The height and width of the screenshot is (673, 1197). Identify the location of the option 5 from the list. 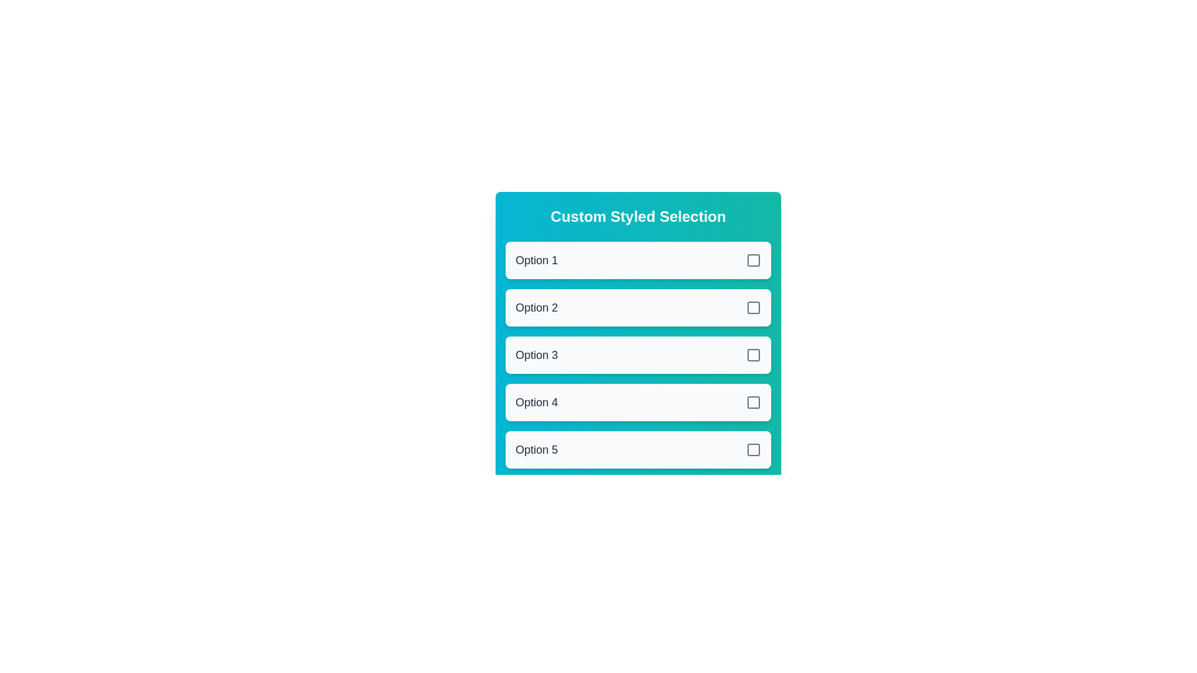
(638, 449).